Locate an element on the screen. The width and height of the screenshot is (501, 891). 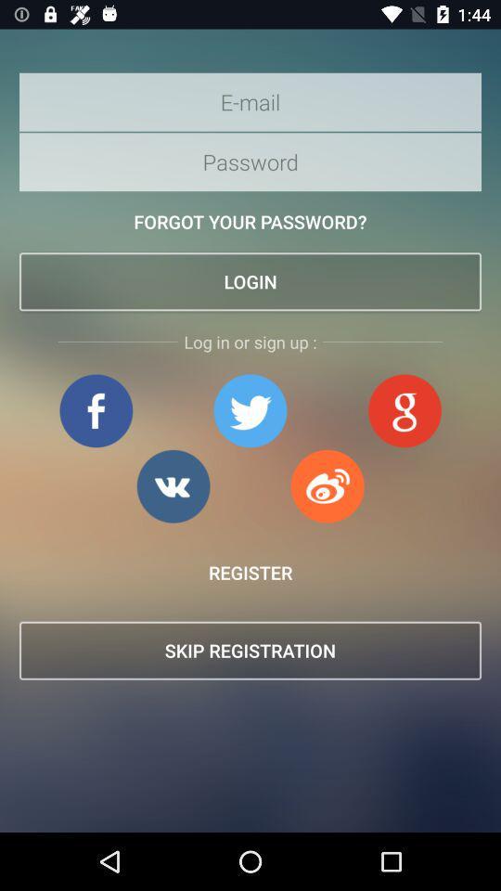
the register item is located at coordinates (250, 572).